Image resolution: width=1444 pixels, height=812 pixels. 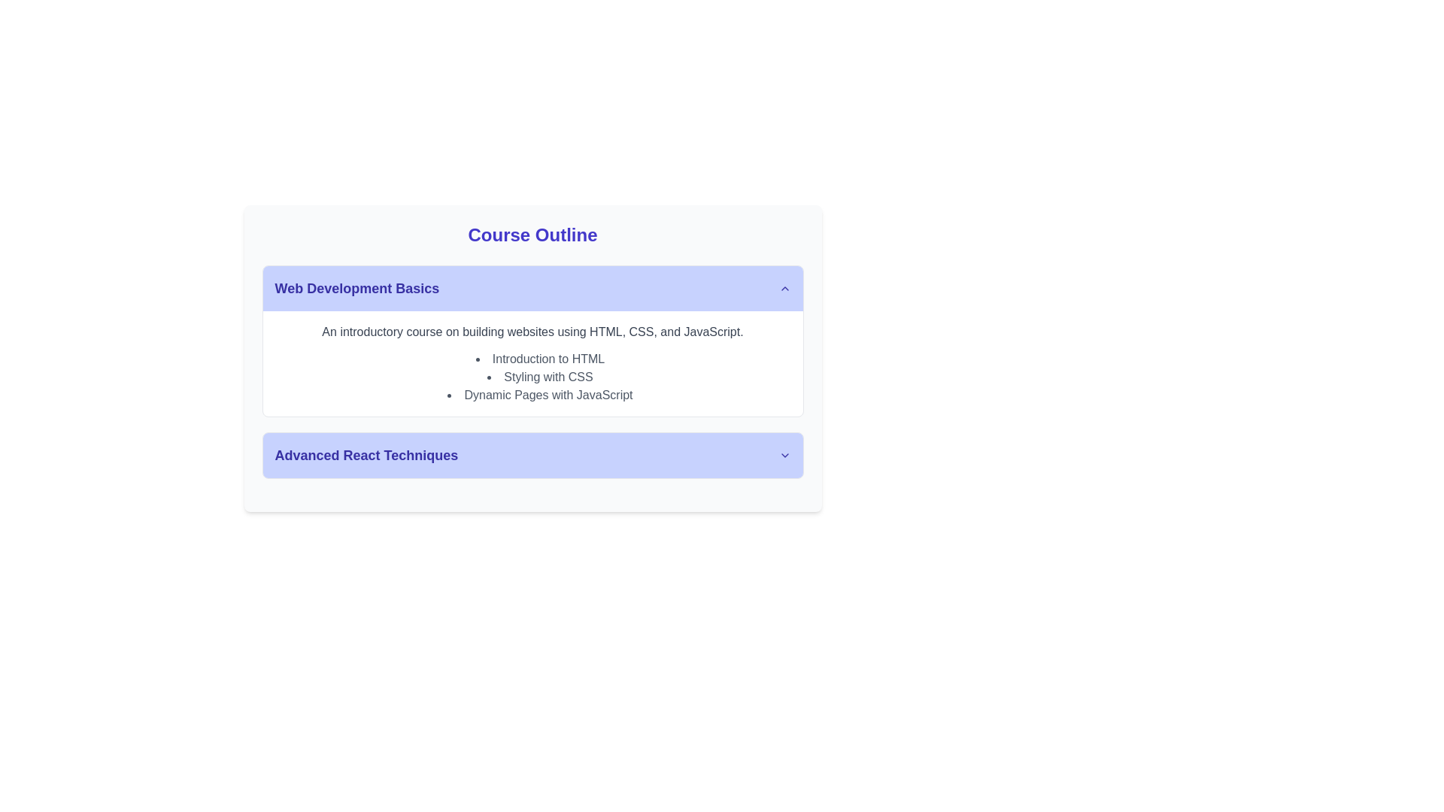 What do you see at coordinates (532, 454) in the screenshot?
I see `the toggle button for 'Advanced React Techniques' located` at bounding box center [532, 454].